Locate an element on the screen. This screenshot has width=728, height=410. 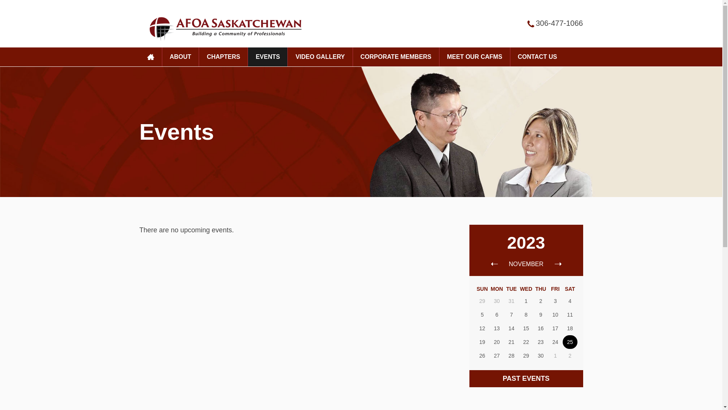
'EVENTS' is located at coordinates (267, 57).